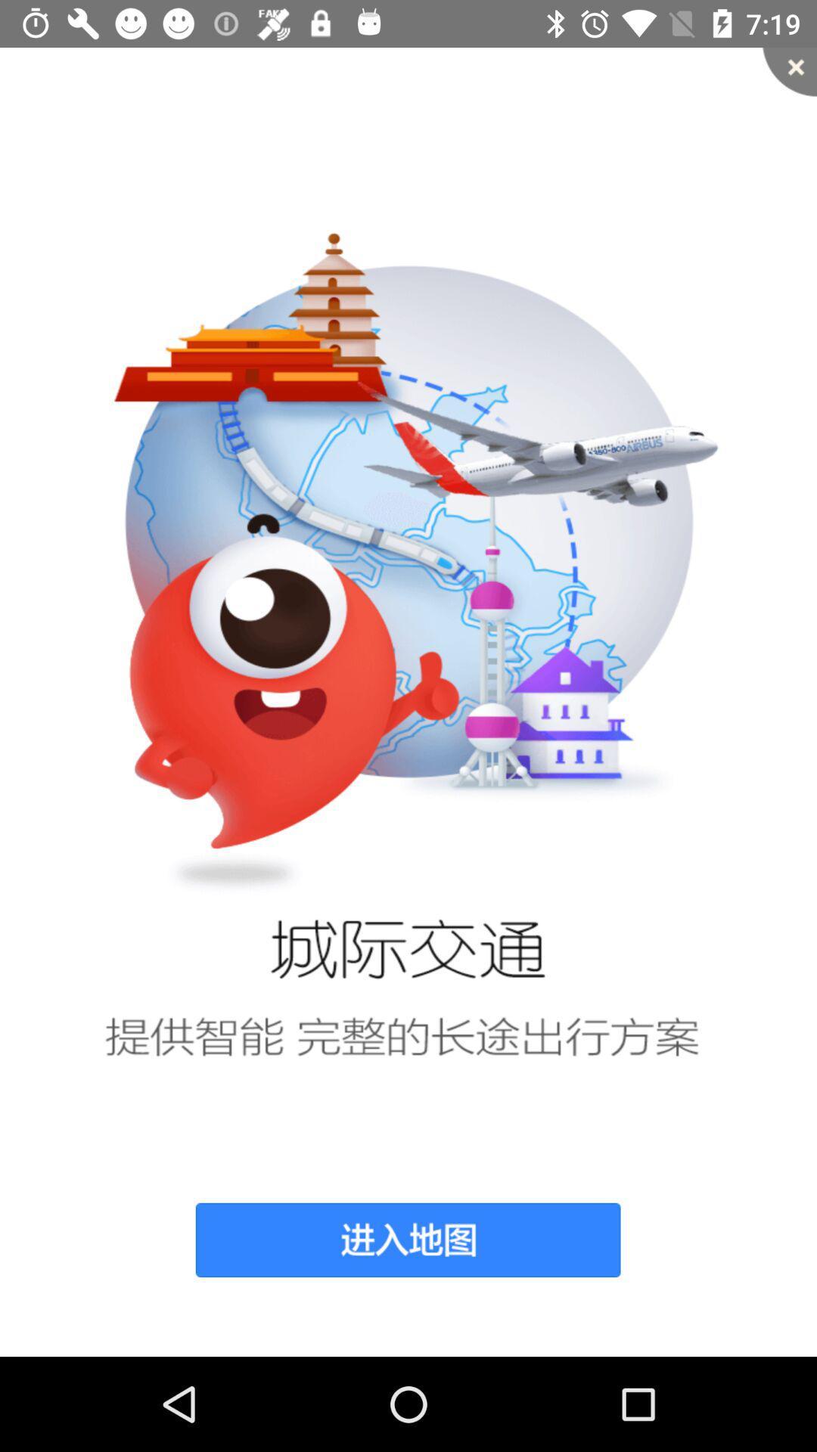 The height and width of the screenshot is (1452, 817). Describe the element at coordinates (789, 71) in the screenshot. I see `close` at that location.